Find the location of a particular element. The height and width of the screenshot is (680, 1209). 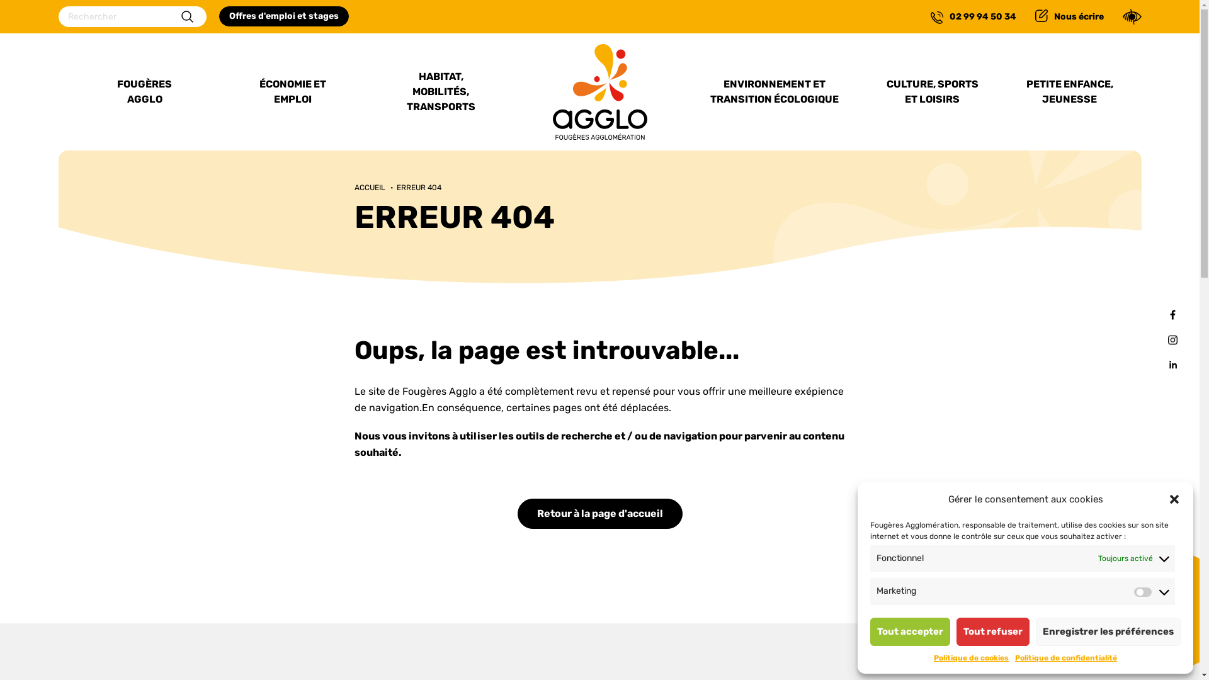

'Facebook' is located at coordinates (1172, 314).